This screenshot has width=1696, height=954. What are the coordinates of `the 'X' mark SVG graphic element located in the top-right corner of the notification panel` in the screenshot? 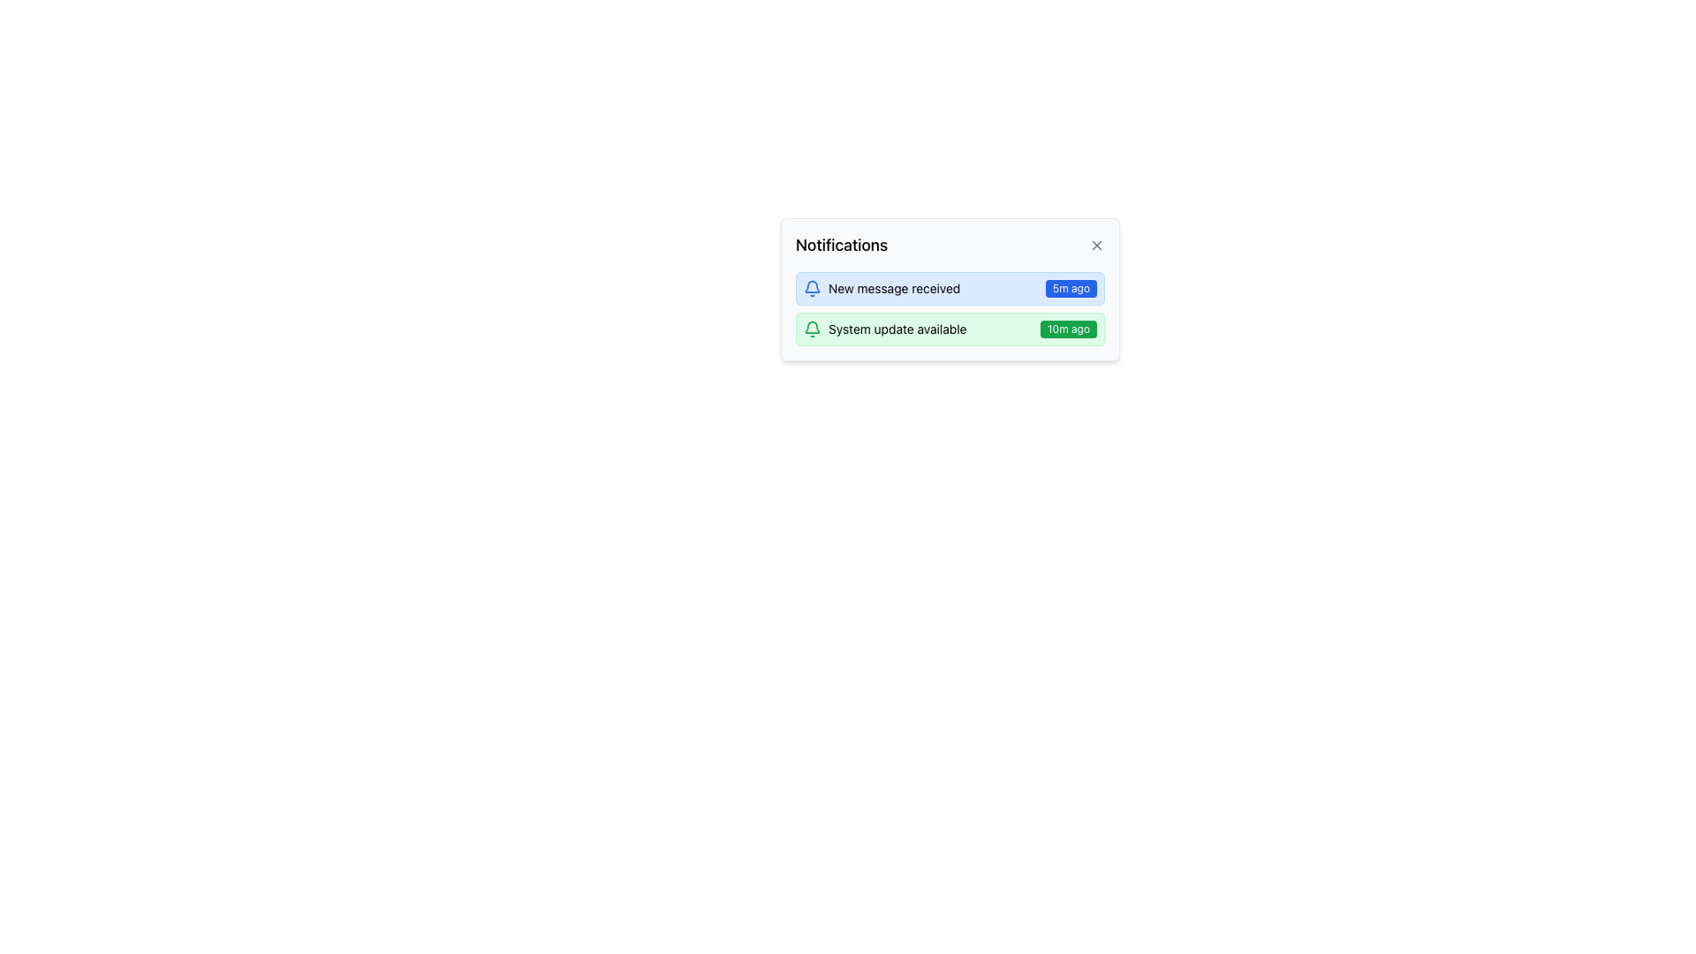 It's located at (1096, 245).